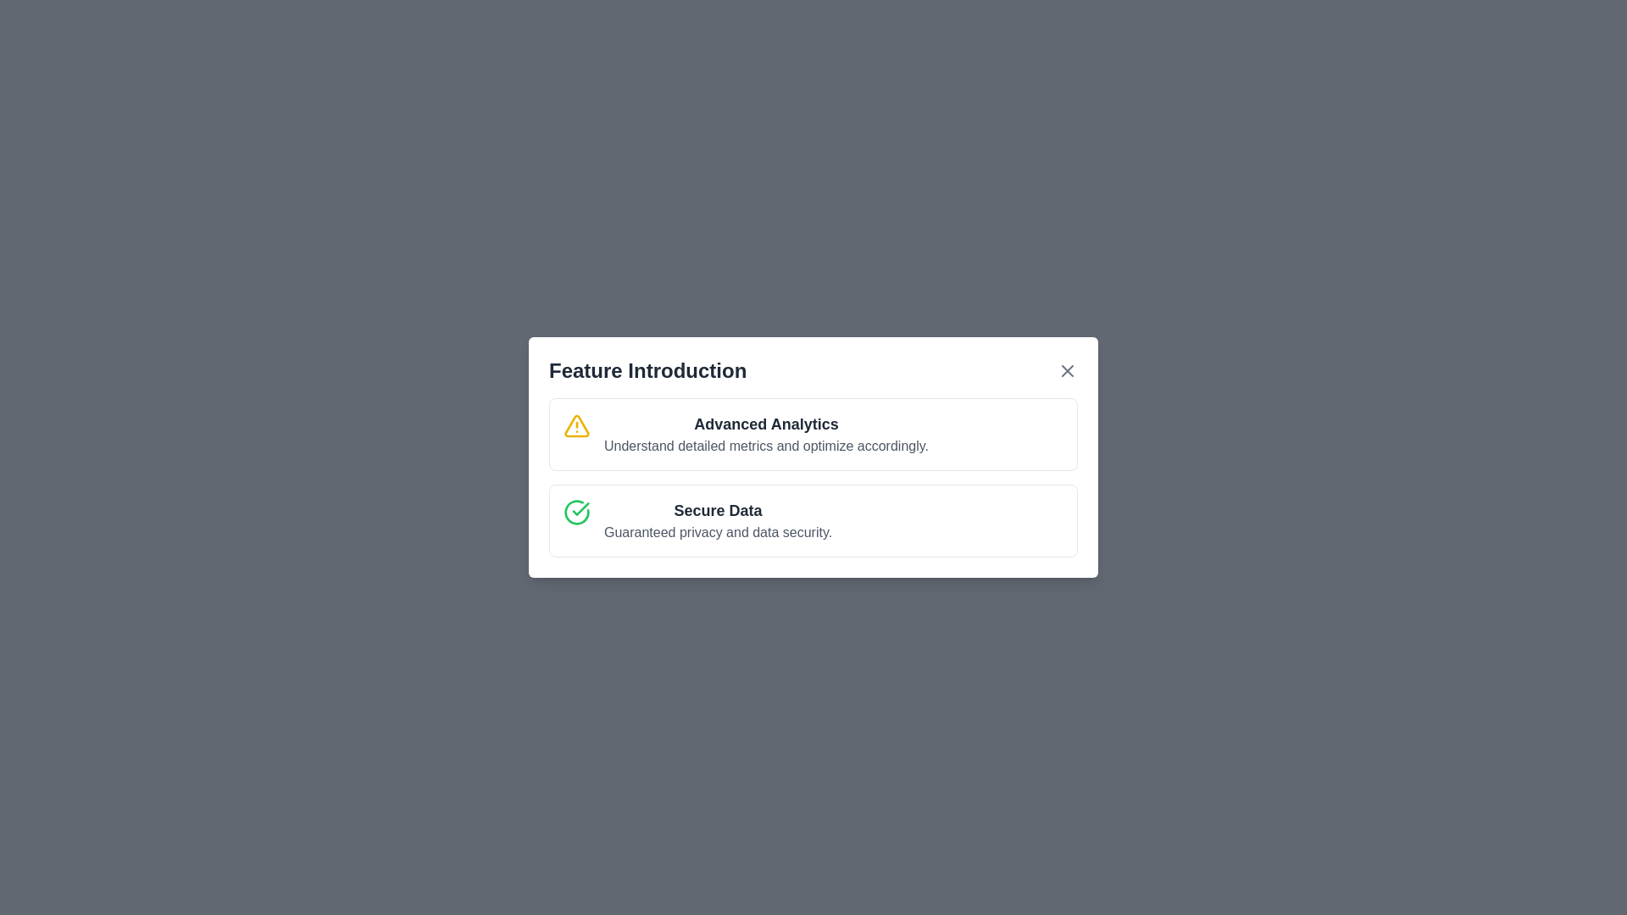 The width and height of the screenshot is (1627, 915). I want to click on the 'Advanced Analytics' text block in the 'Feature Introduction' dialog box, which displays information about its benefits and is positioned above the 'Secure Data' feature description, so click(765, 434).